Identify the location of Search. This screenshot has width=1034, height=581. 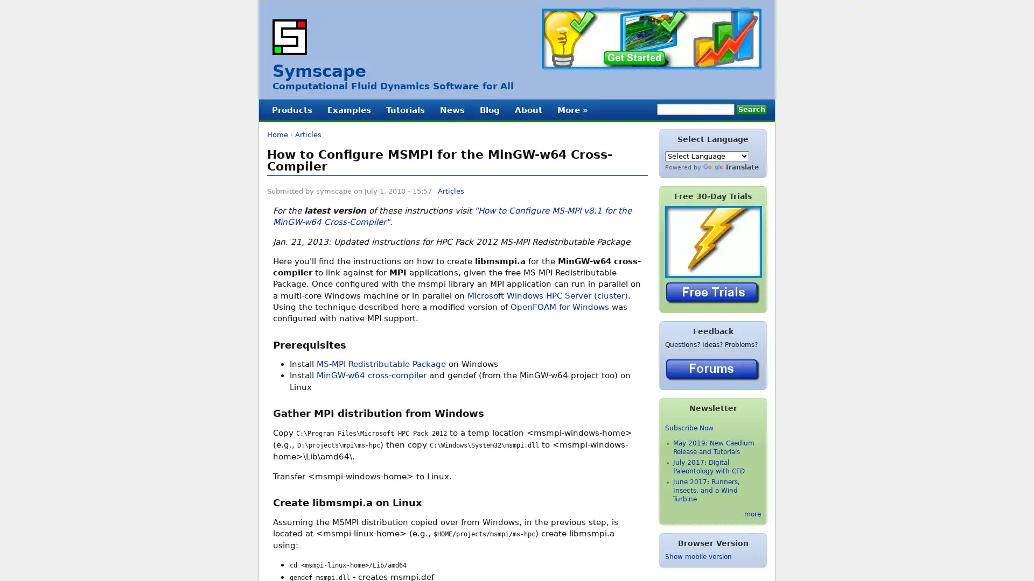
(751, 110).